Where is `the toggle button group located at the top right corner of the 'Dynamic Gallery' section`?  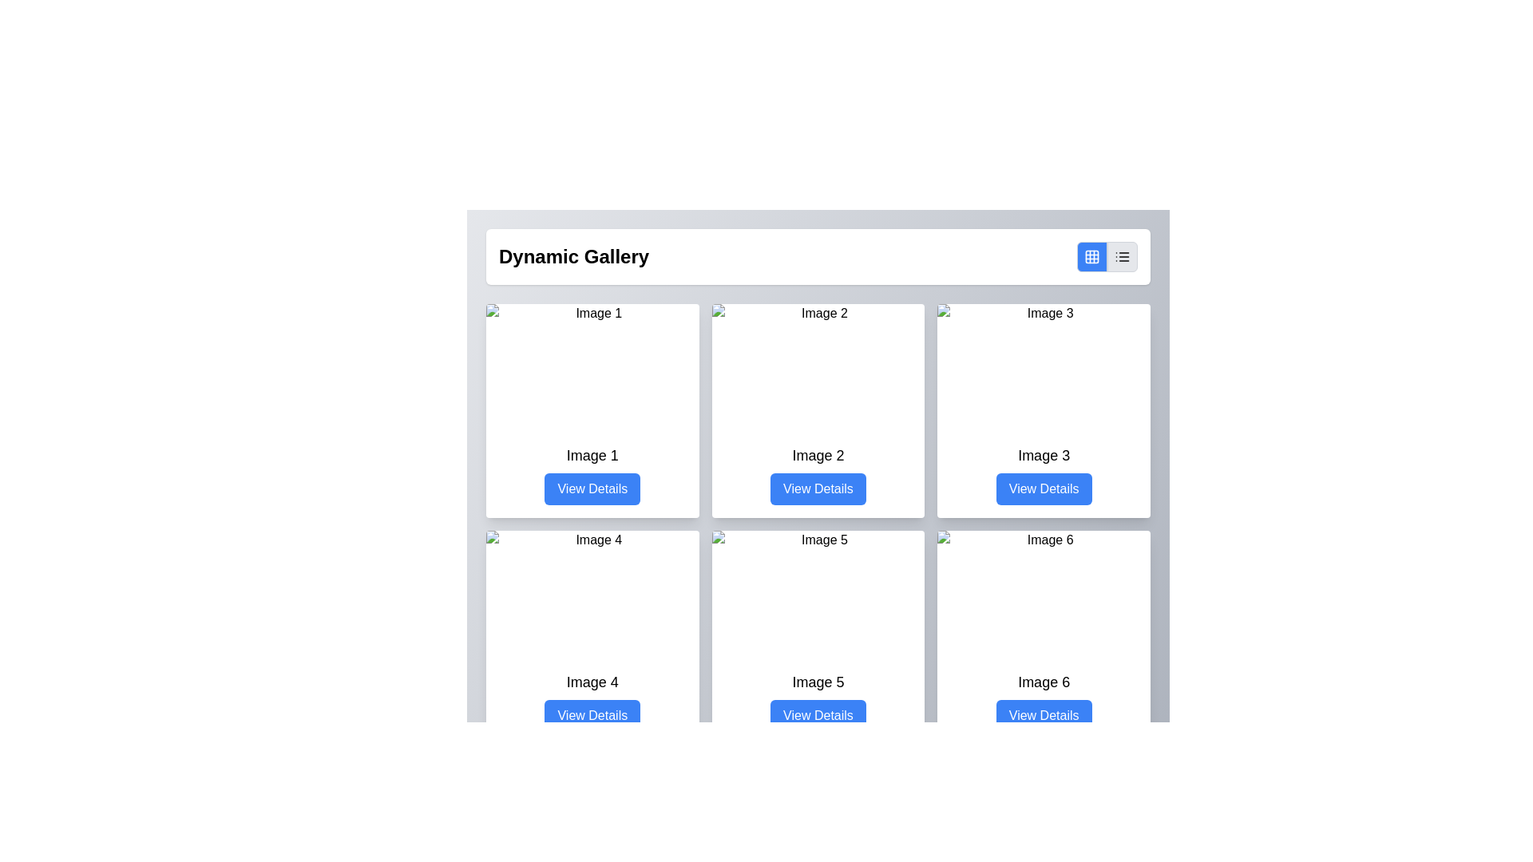
the toggle button group located at the top right corner of the 'Dynamic Gallery' section is located at coordinates (1107, 255).